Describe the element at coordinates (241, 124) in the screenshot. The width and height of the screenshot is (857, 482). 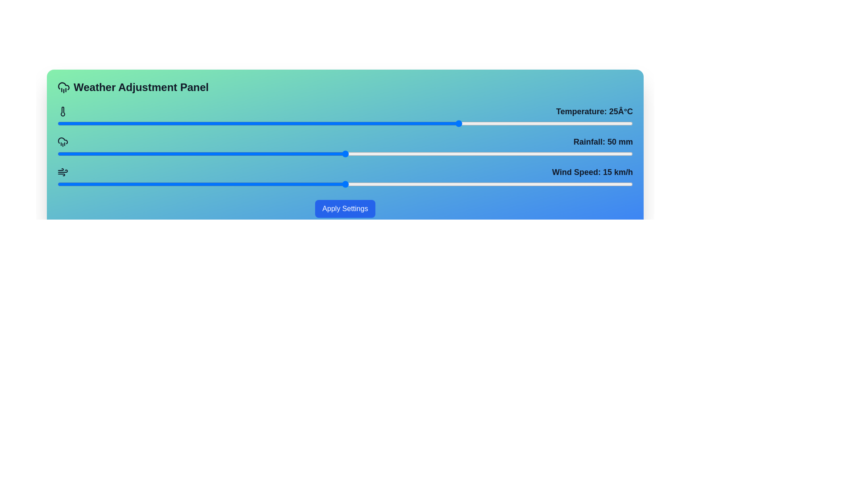
I see `the temperature slider` at that location.